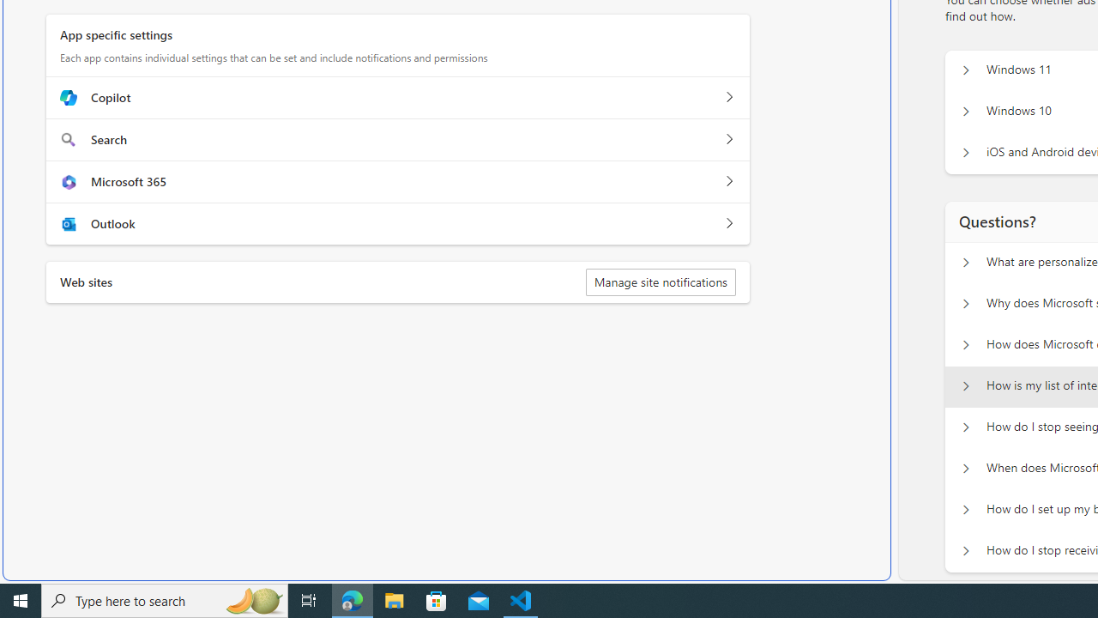 The width and height of the screenshot is (1098, 618). What do you see at coordinates (659, 282) in the screenshot?
I see `'Manage site notifications'` at bounding box center [659, 282].